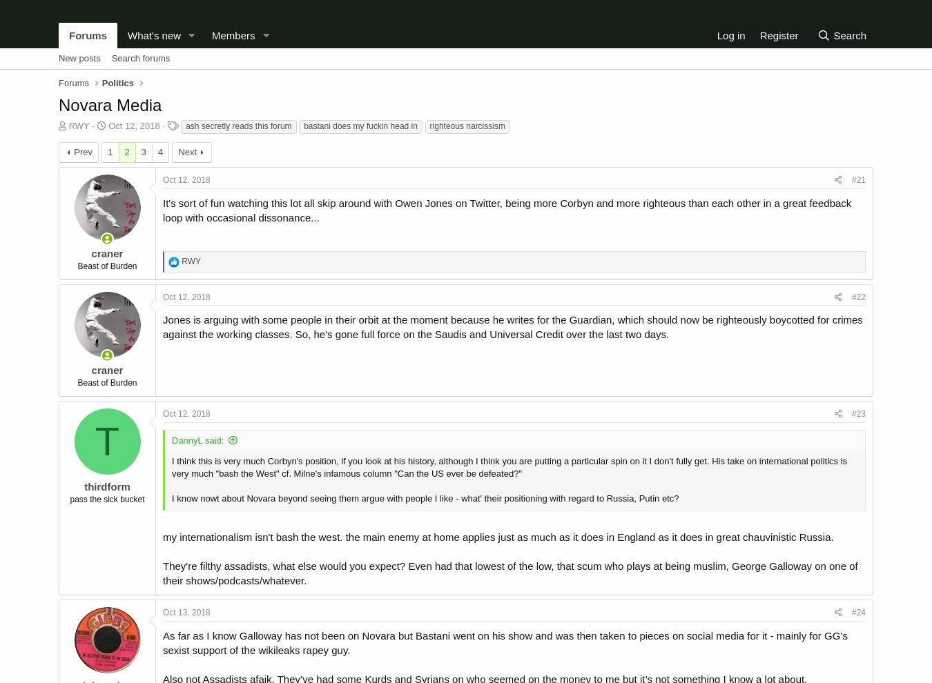  What do you see at coordinates (858, 179) in the screenshot?
I see `'#21'` at bounding box center [858, 179].